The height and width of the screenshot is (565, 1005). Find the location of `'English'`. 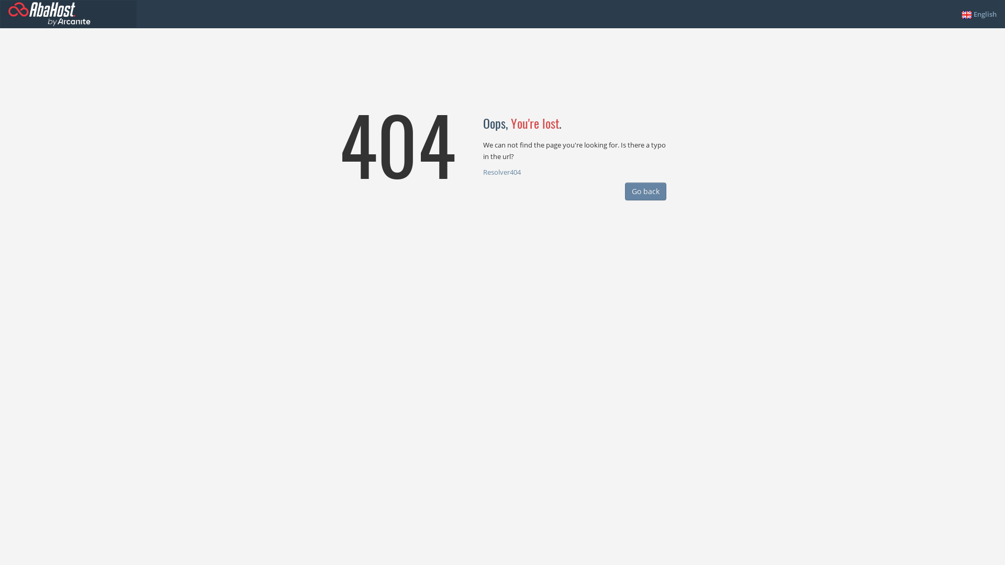

'English' is located at coordinates (978, 14).